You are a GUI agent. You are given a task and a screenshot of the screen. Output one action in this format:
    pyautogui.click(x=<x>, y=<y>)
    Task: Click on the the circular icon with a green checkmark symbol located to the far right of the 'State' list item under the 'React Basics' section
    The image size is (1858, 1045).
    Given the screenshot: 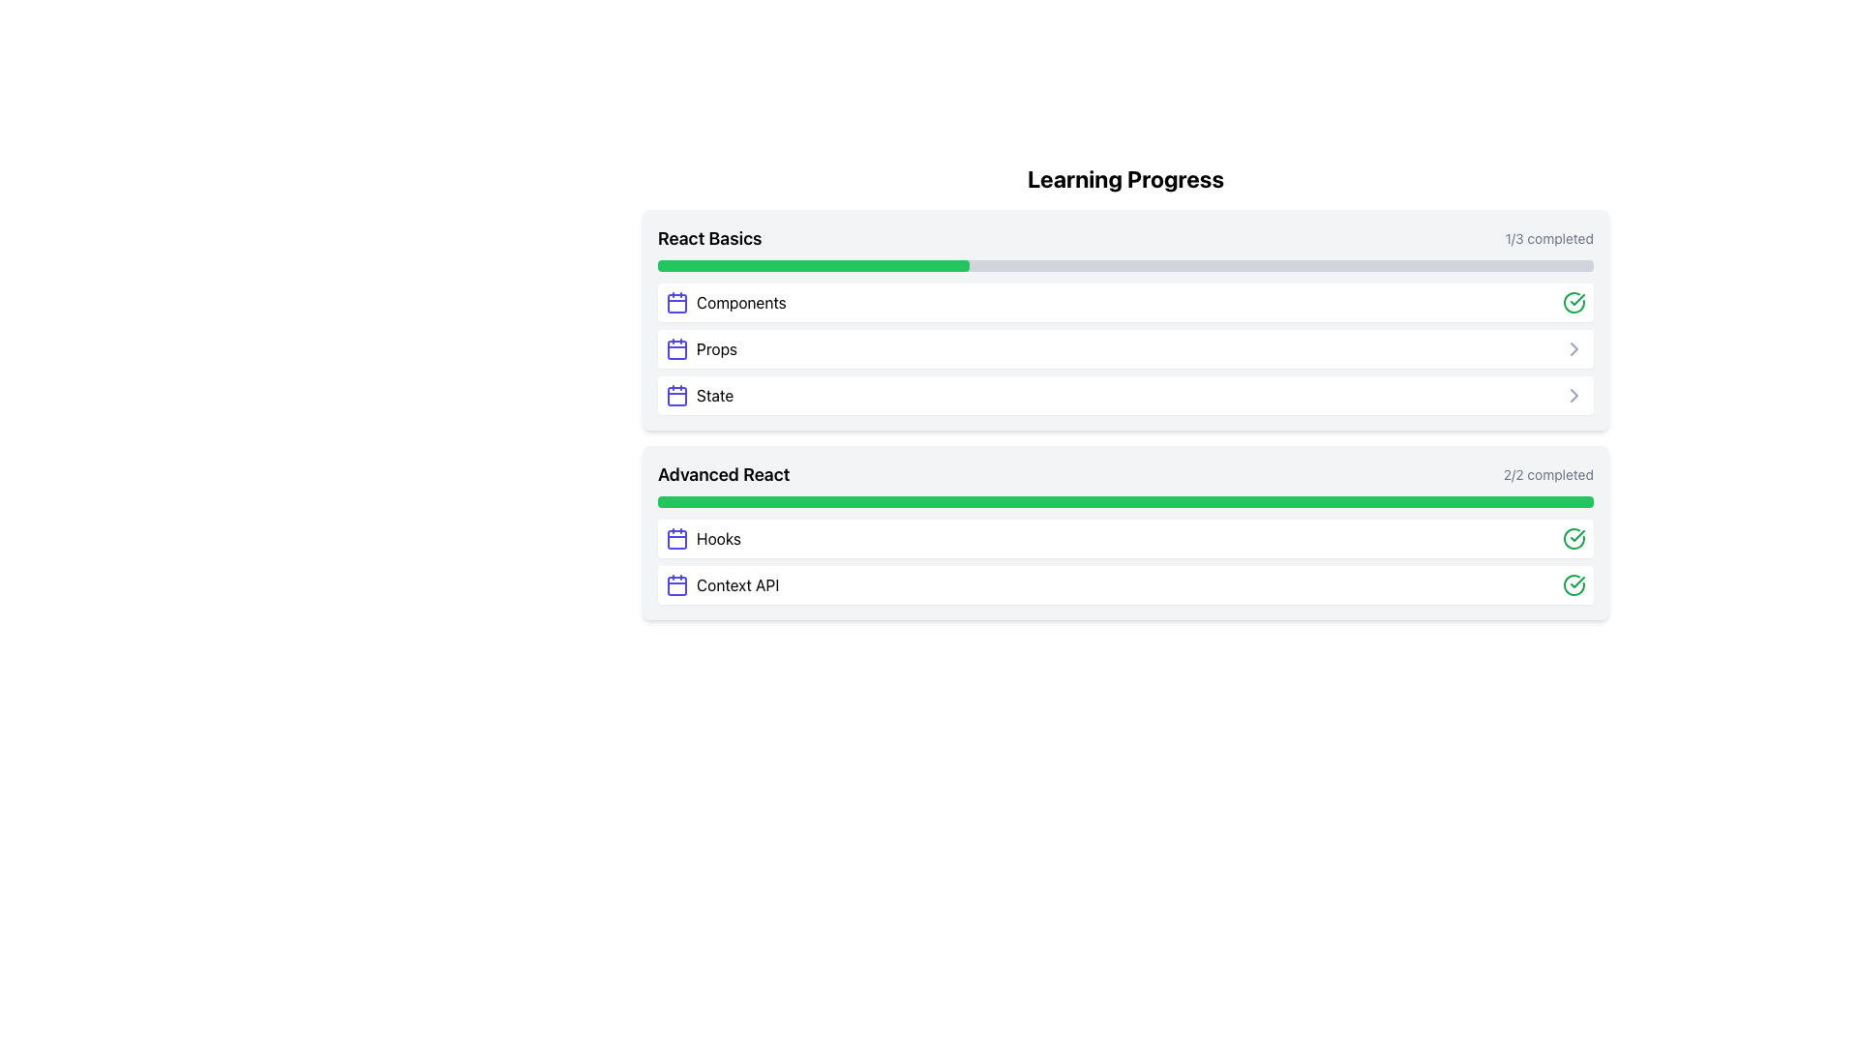 What is the action you would take?
    pyautogui.click(x=1574, y=302)
    